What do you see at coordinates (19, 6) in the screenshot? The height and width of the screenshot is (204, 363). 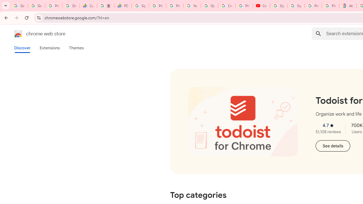 I see `'Google Workspace Admin Community'` at bounding box center [19, 6].